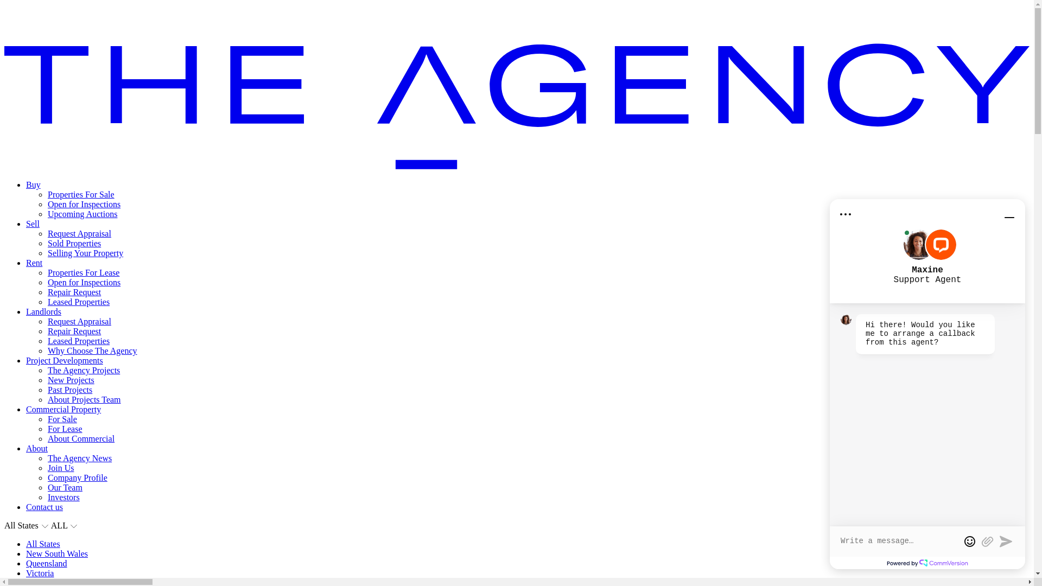 The image size is (1042, 586). What do you see at coordinates (92, 351) in the screenshot?
I see `'Why Choose The Agency'` at bounding box center [92, 351].